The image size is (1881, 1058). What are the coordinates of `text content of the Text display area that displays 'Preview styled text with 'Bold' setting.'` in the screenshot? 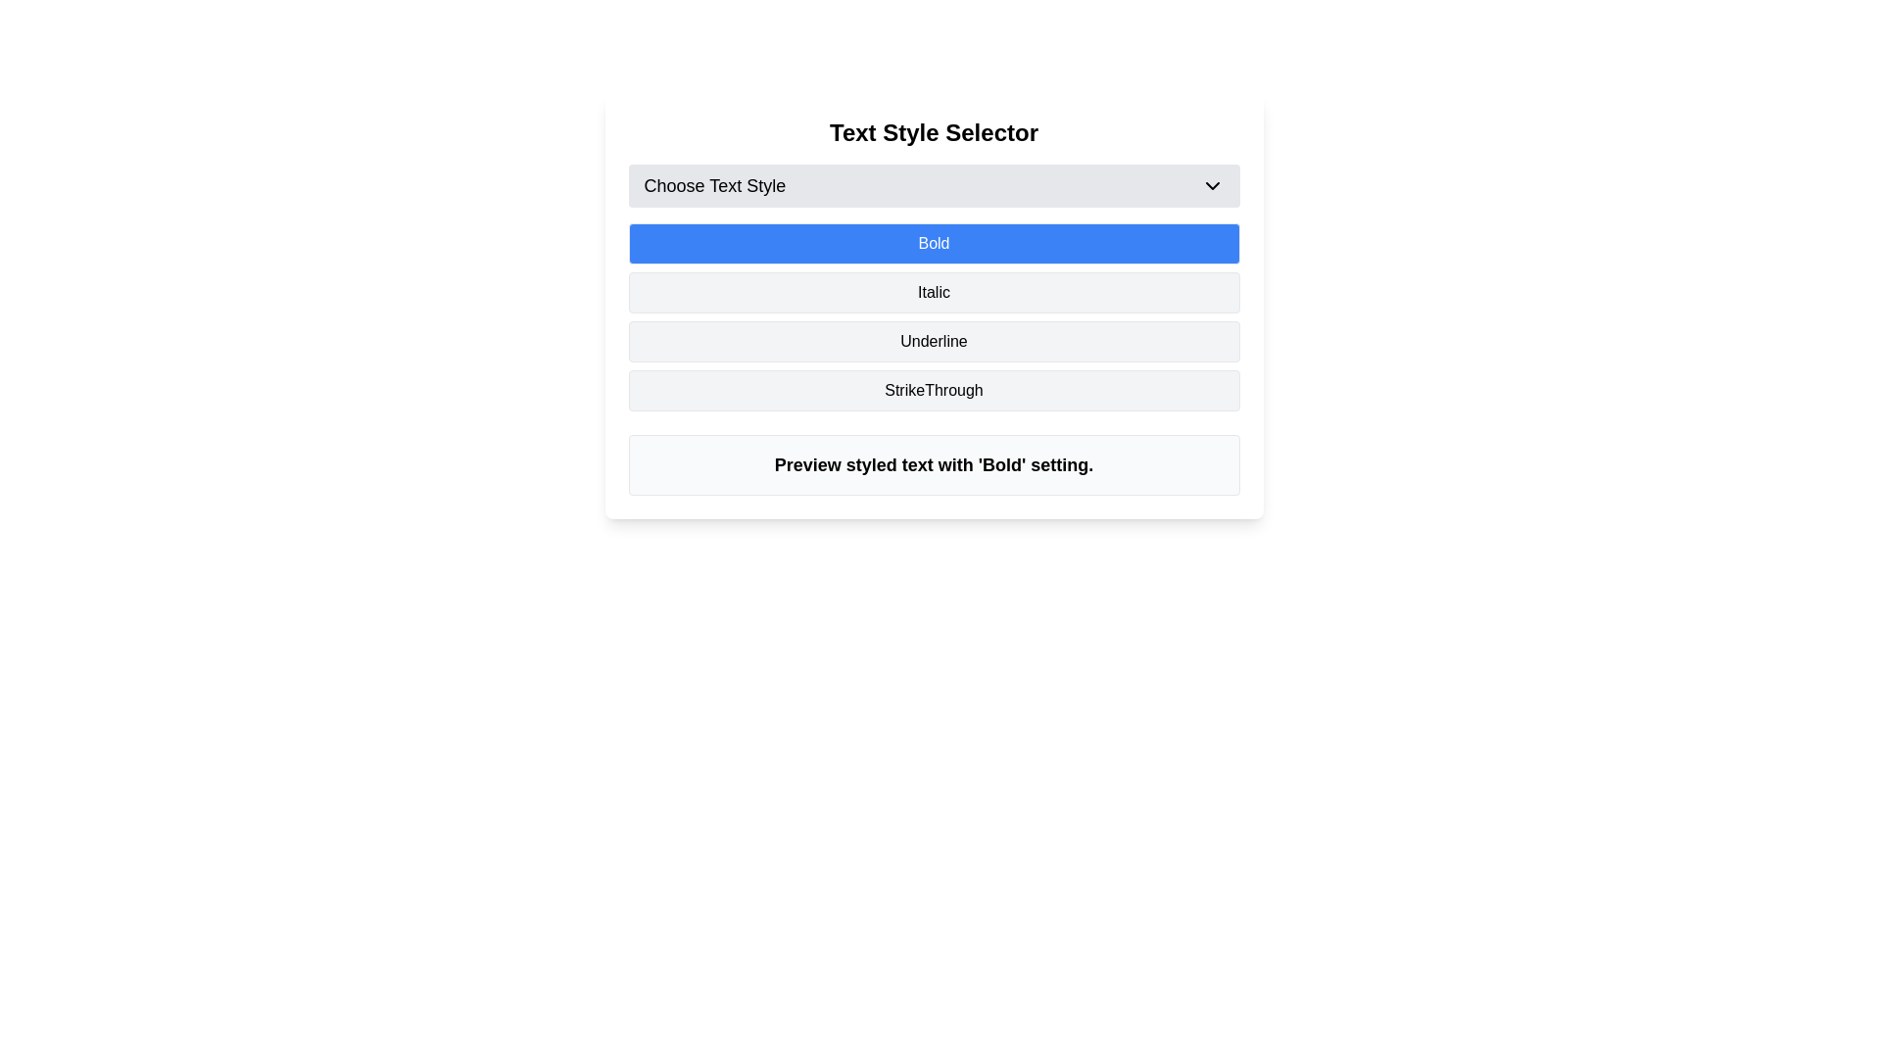 It's located at (933, 464).